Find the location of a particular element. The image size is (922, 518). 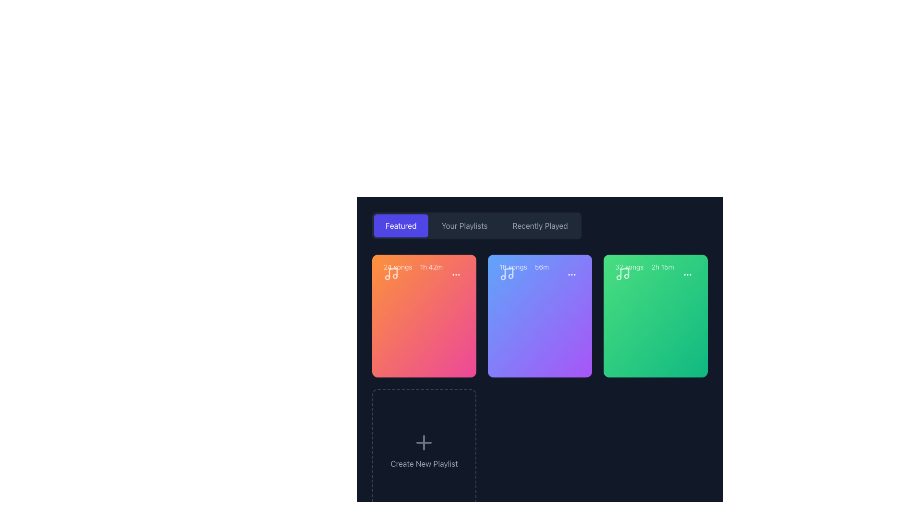

the text label displaying '1h 42m' located at the bottom of the first playlist card, which is aligned horizontally next to the '24 songs' label is located at coordinates (431, 267).